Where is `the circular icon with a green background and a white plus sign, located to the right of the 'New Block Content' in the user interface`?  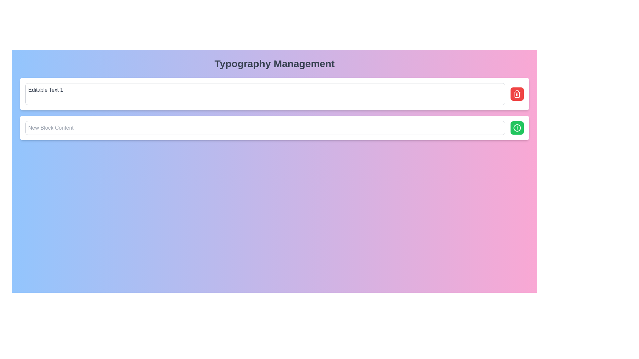 the circular icon with a green background and a white plus sign, located to the right of the 'New Block Content' in the user interface is located at coordinates (517, 128).